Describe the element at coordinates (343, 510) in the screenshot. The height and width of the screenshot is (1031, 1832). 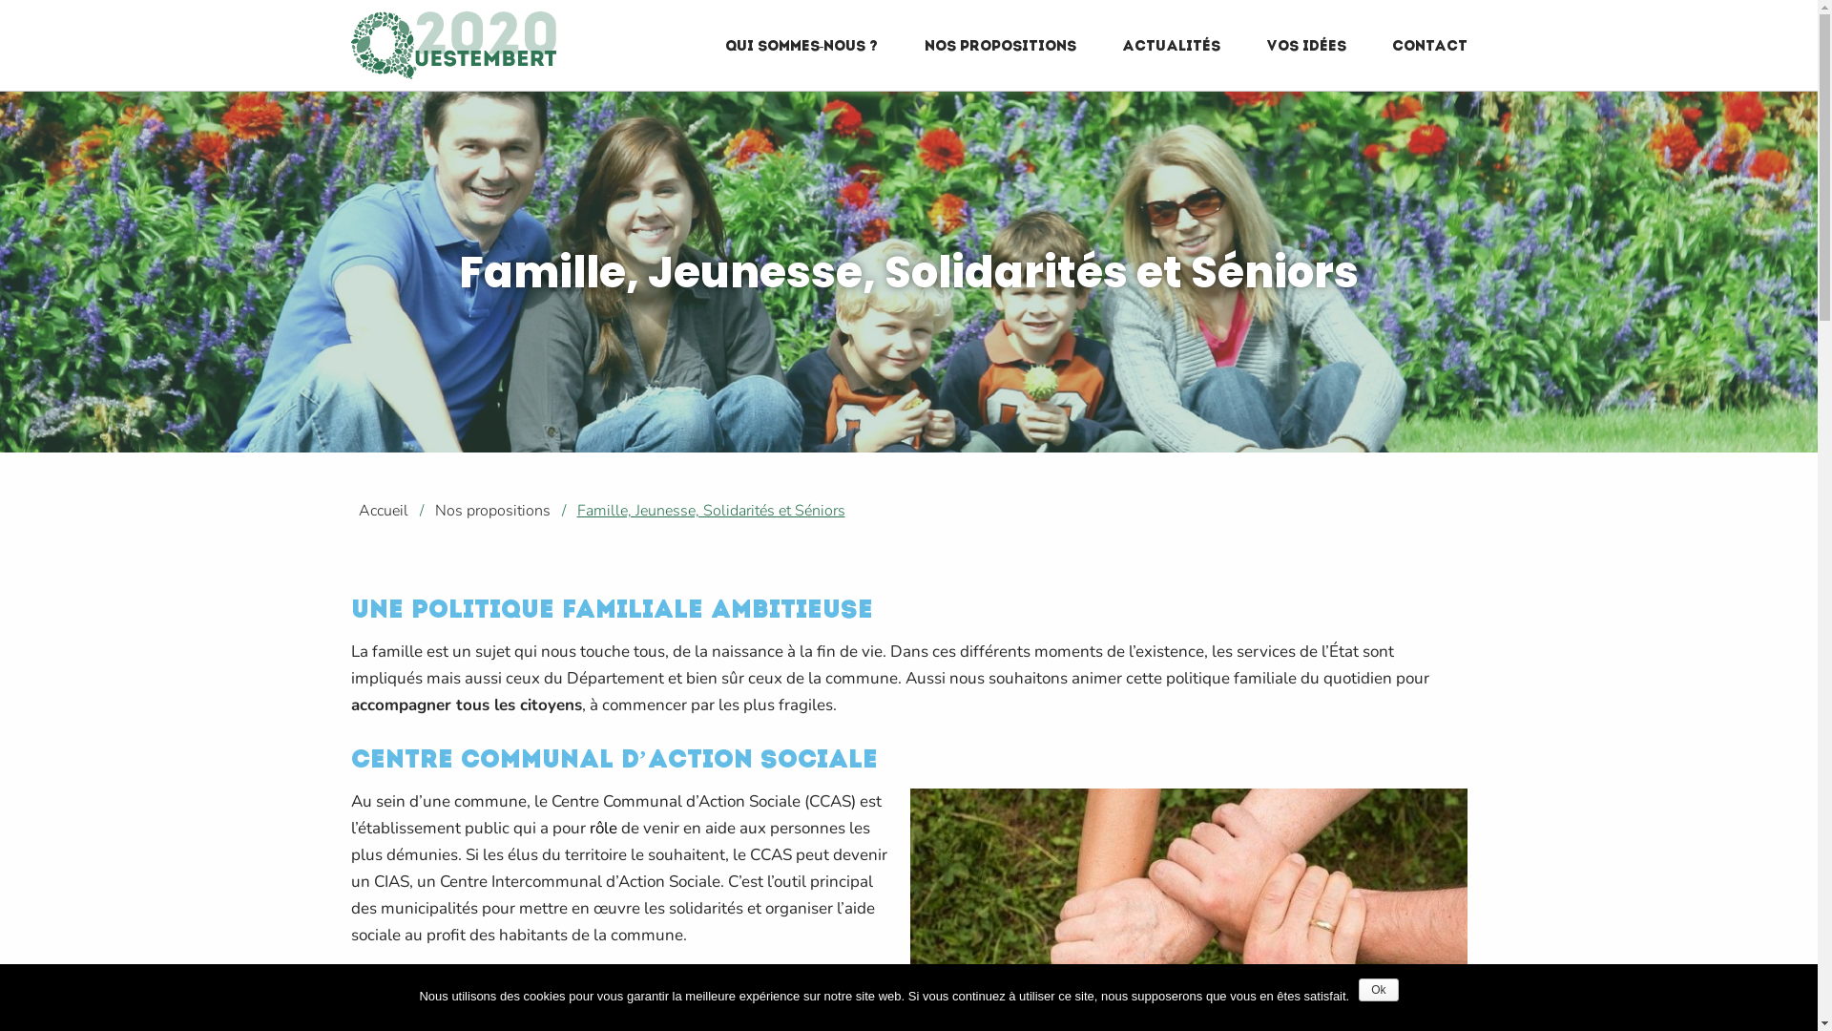
I see `'Accueil'` at that location.